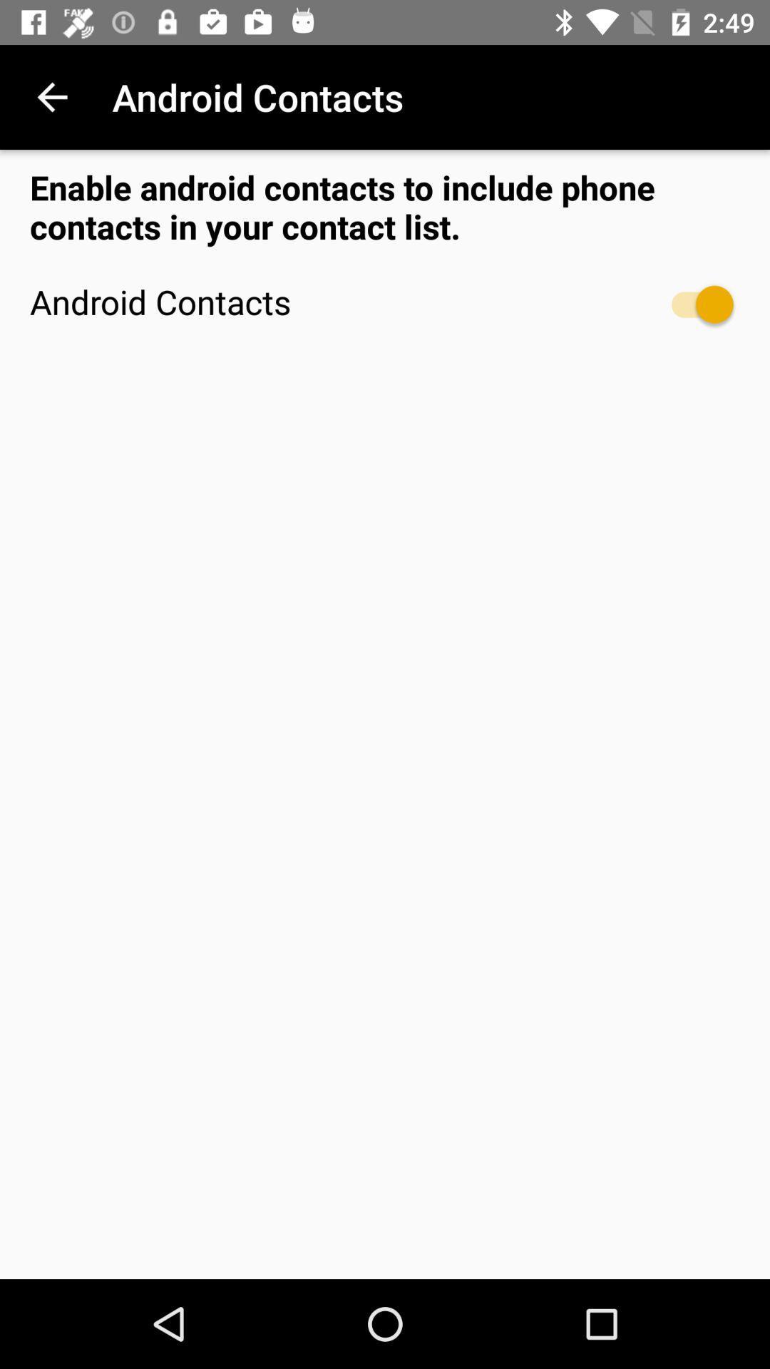 The image size is (770, 1369). Describe the element at coordinates (51, 96) in the screenshot. I see `item above the enable android contacts icon` at that location.